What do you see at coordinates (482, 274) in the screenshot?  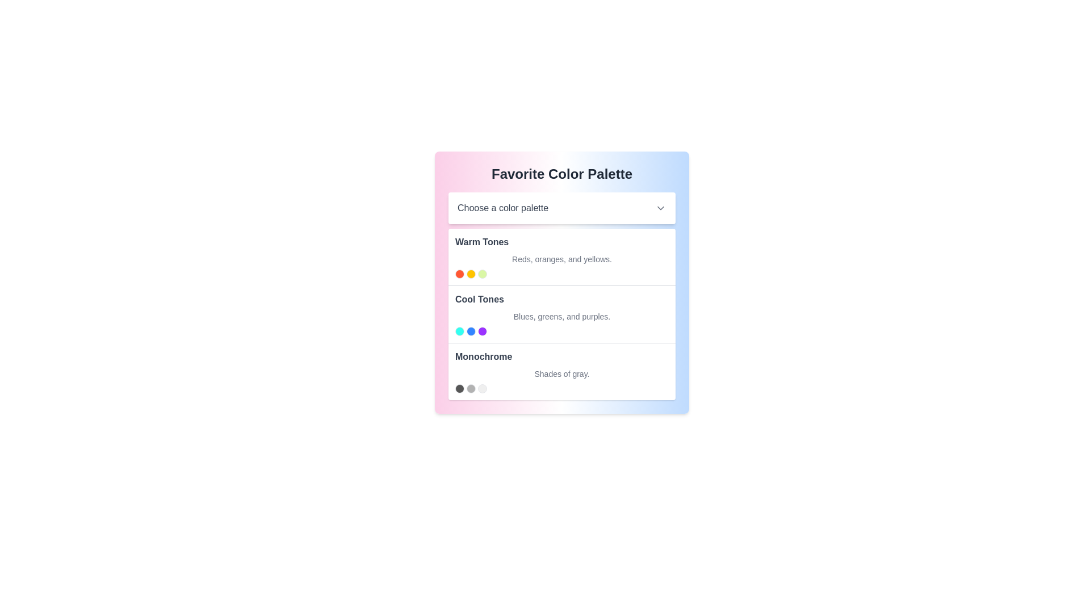 I see `the light green colored circular UI element in the 'Warm Tones' section of the color palette interface, which is the third circle in the series` at bounding box center [482, 274].